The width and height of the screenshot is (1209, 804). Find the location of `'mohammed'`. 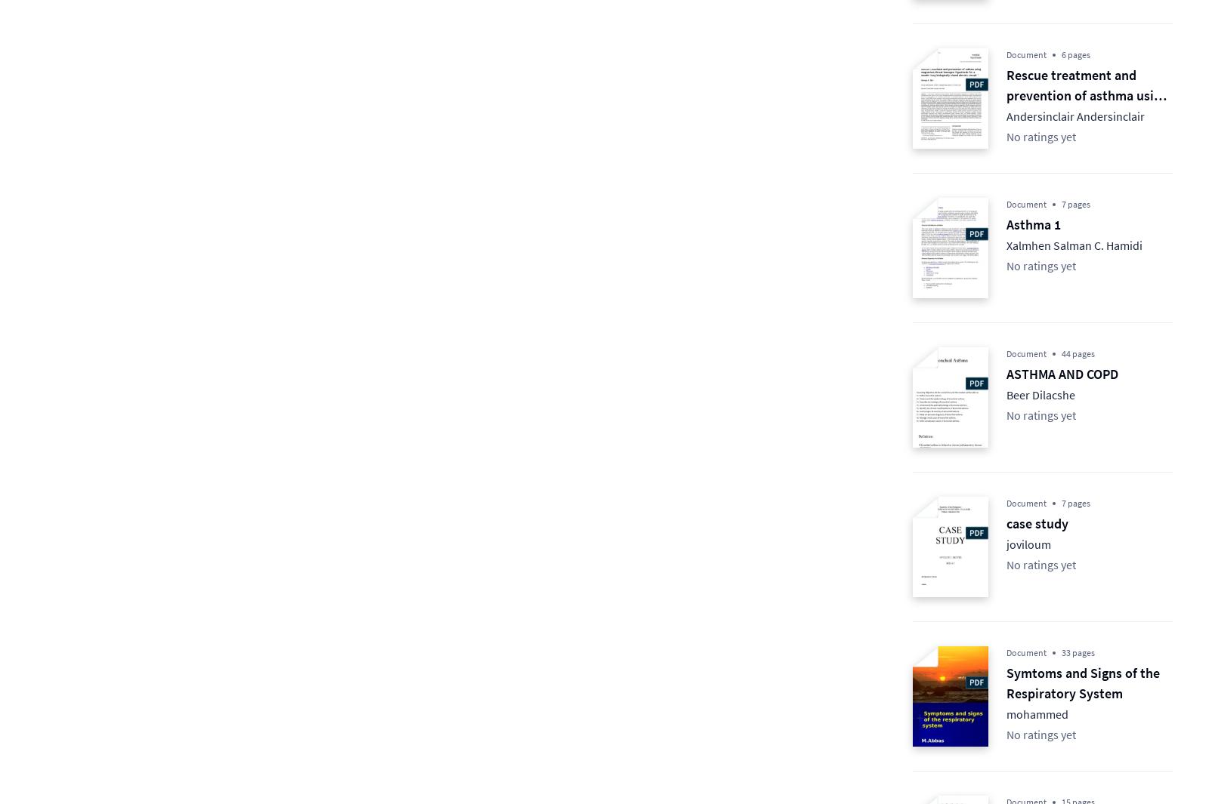

'mohammed' is located at coordinates (1006, 714).